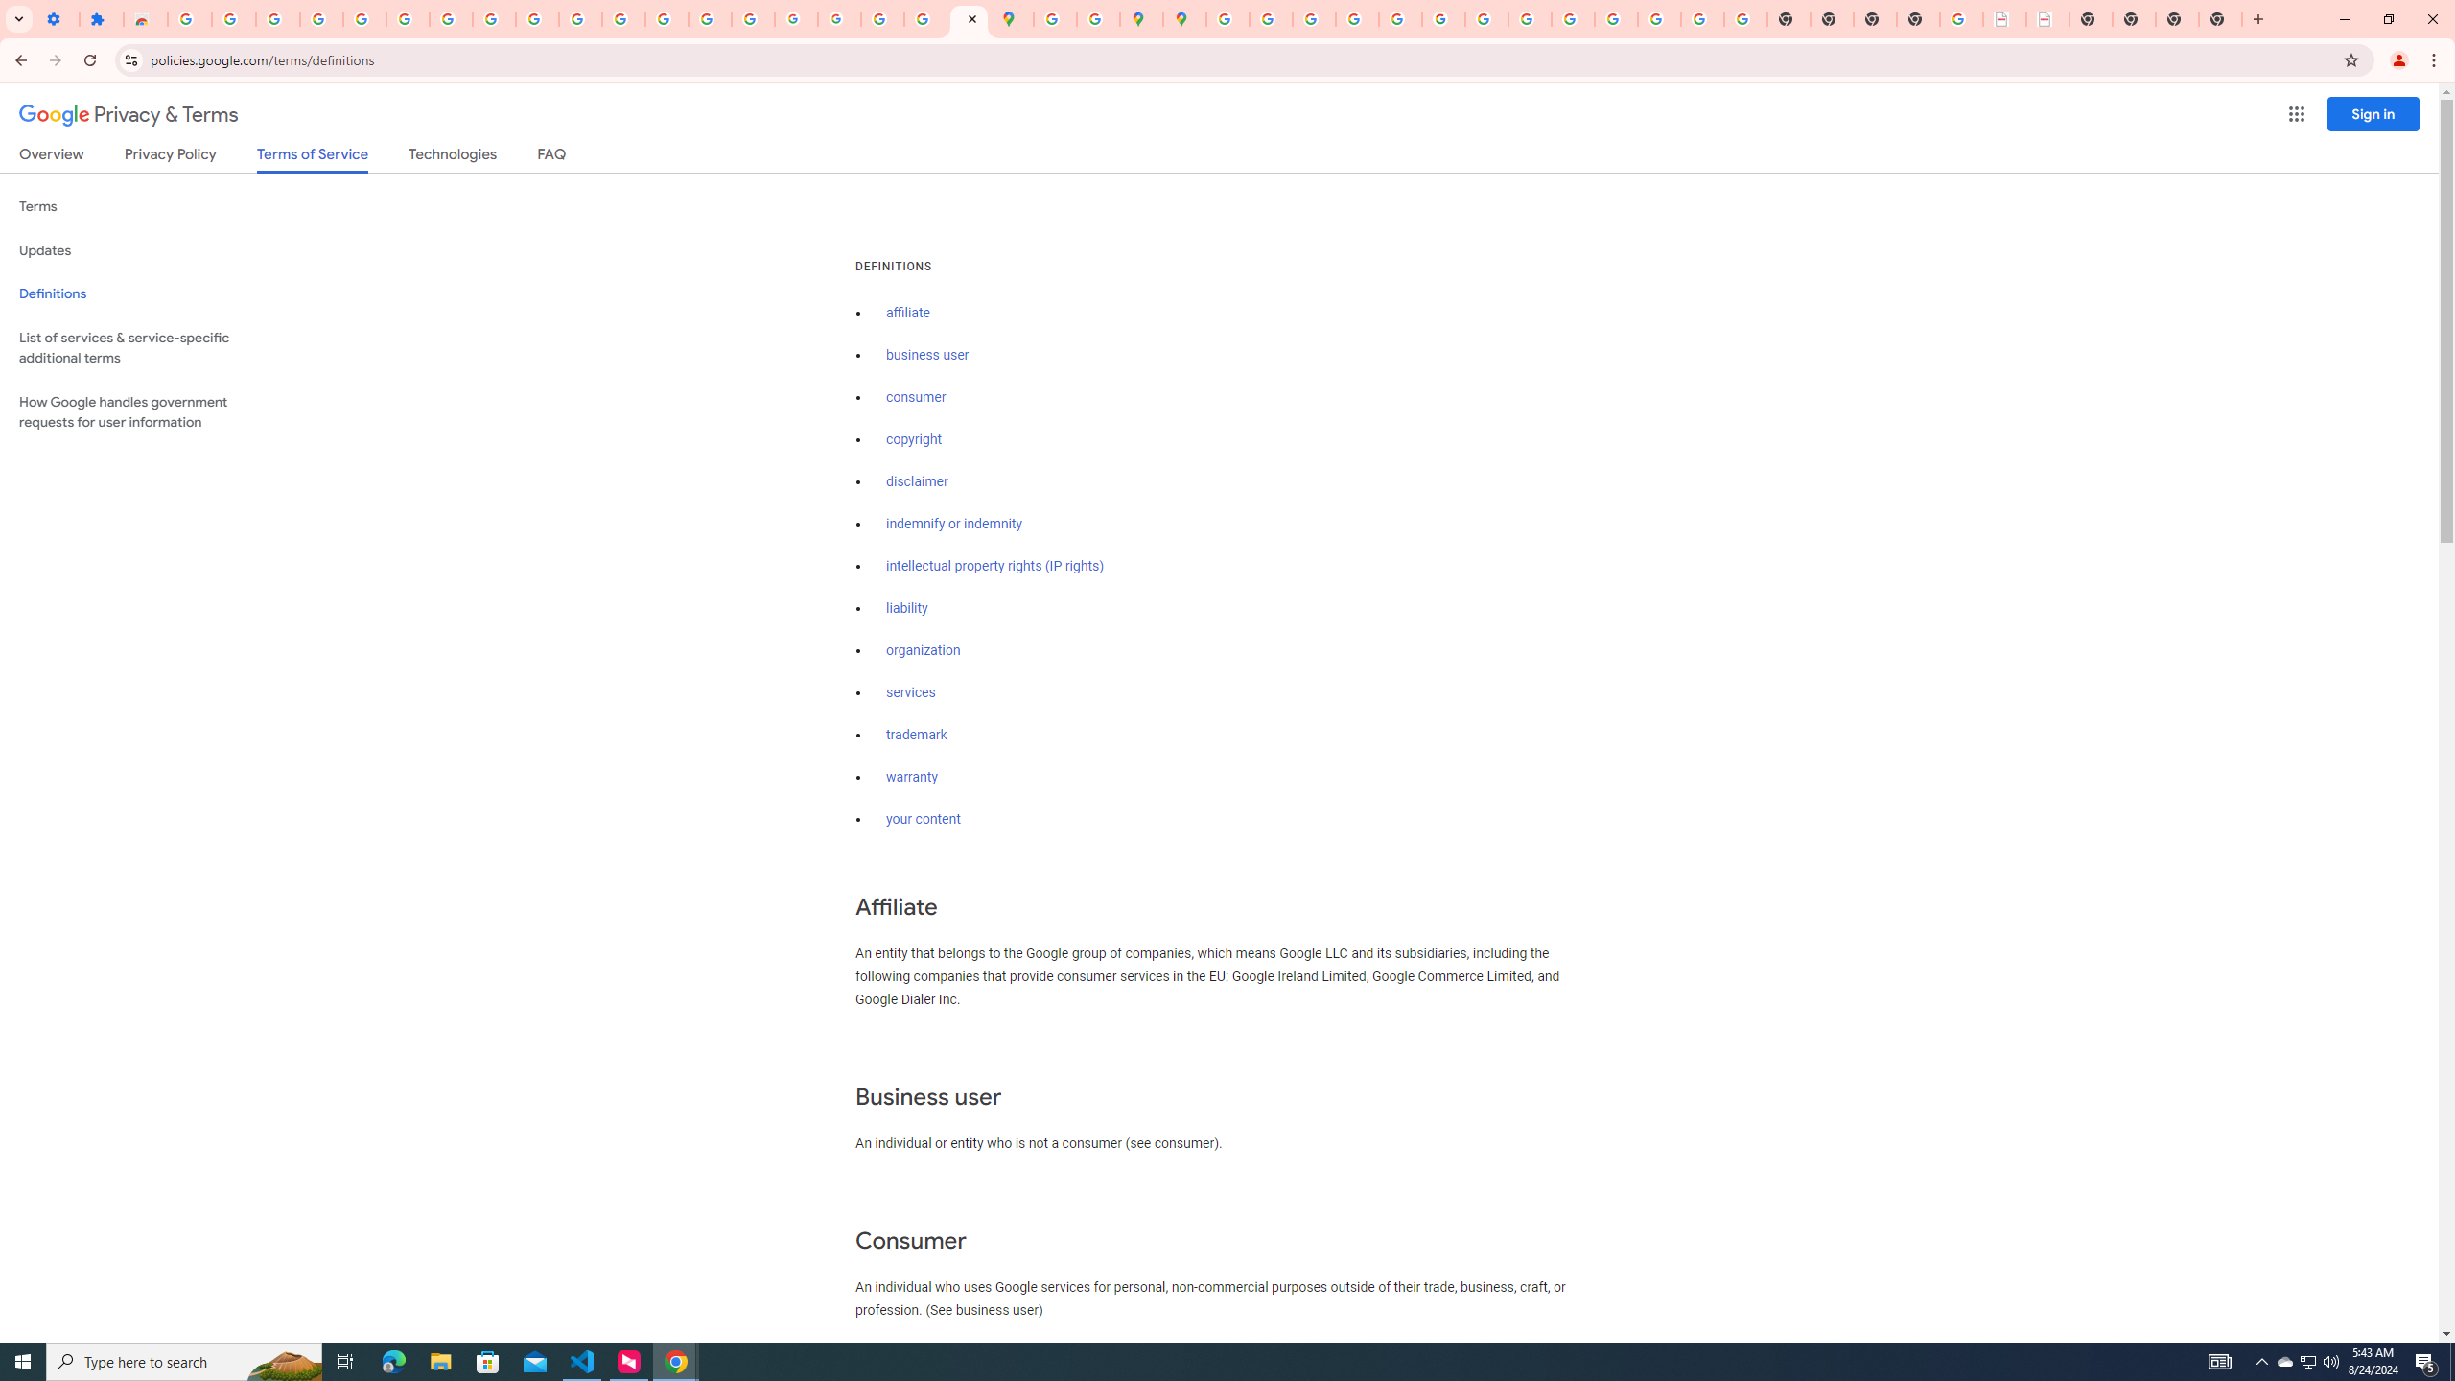 The image size is (2455, 1381). Describe the element at coordinates (2004, 18) in the screenshot. I see `'LAAD Defence & Security 2025 | BAE Systems'` at that location.